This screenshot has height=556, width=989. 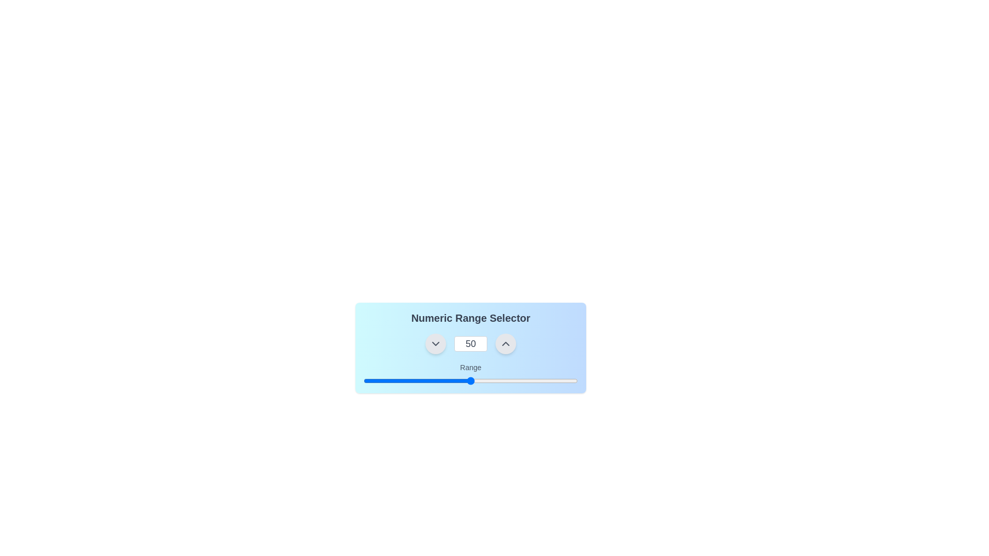 I want to click on the button located to the right of the numeric value display box labeled '50' to increment the value, so click(x=506, y=343).